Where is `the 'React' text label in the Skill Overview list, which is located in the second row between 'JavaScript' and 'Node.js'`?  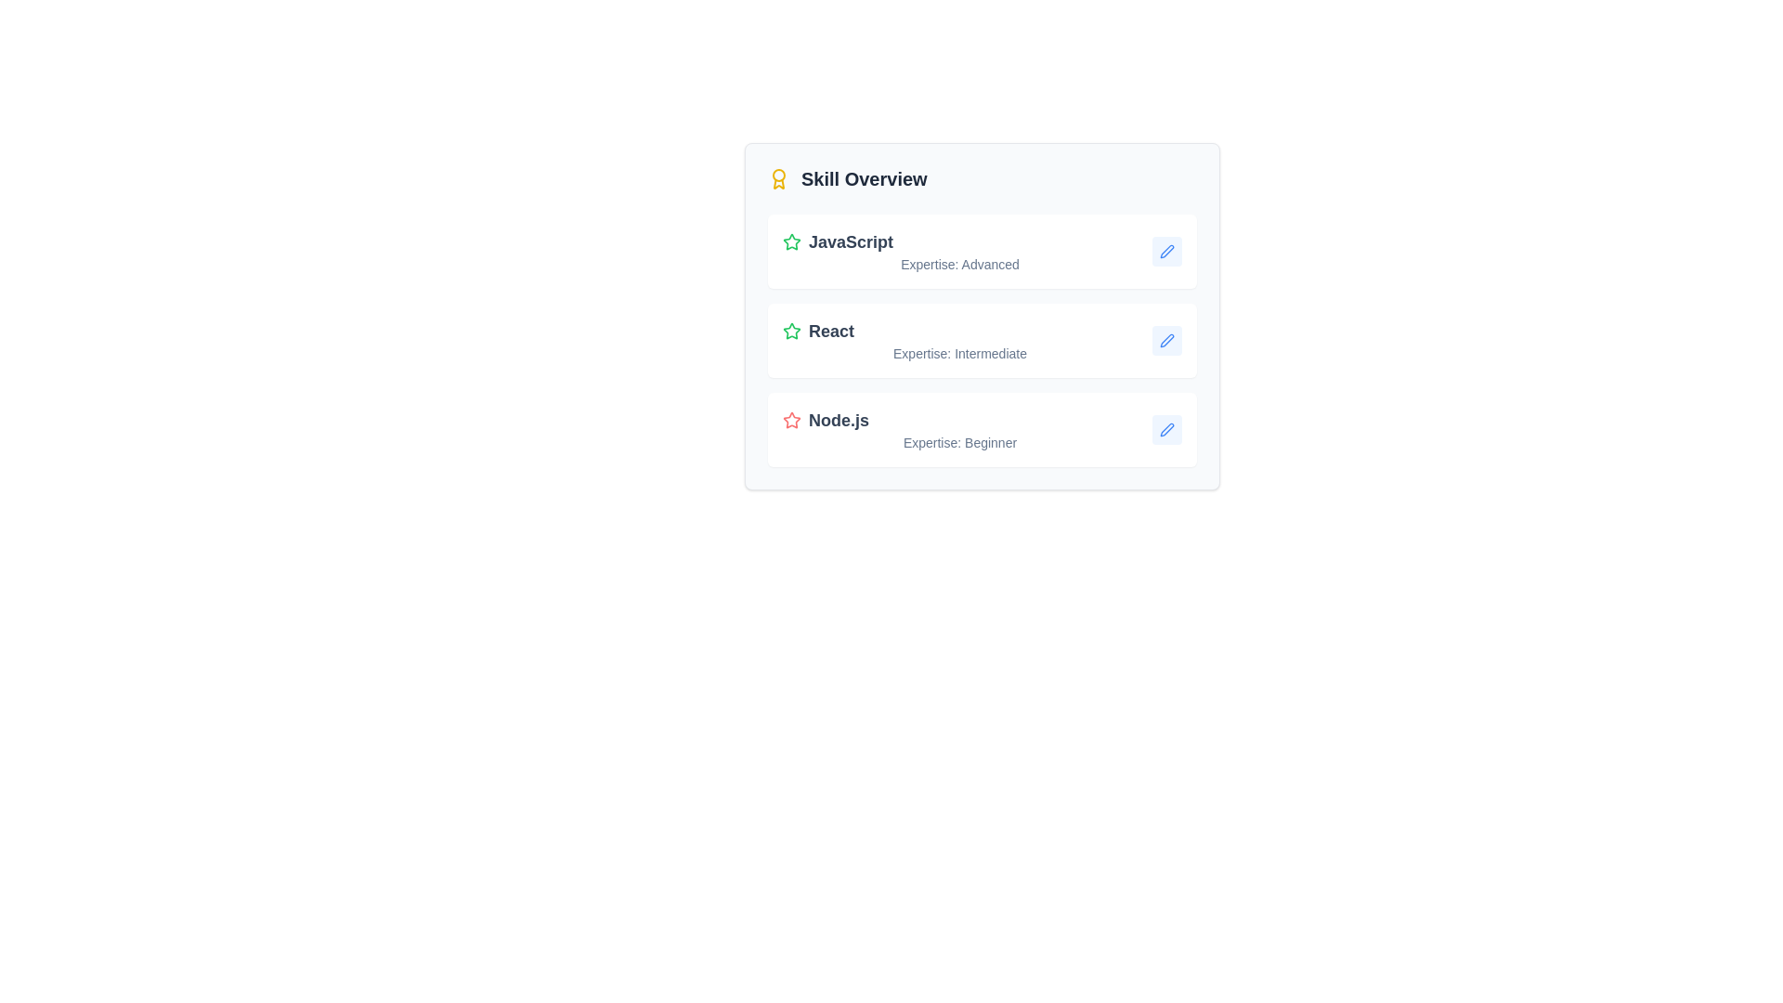
the 'React' text label in the Skill Overview list, which is located in the second row between 'JavaScript' and 'Node.js' is located at coordinates (830, 331).